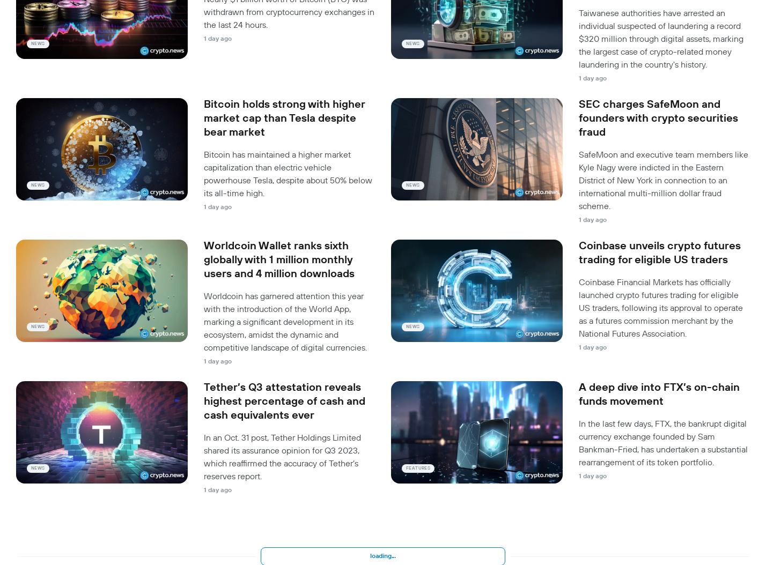 The height and width of the screenshot is (565, 766). I want to click on 'Bitcoin holds strong with higher market cap than Tesla despite bear market', so click(284, 118).